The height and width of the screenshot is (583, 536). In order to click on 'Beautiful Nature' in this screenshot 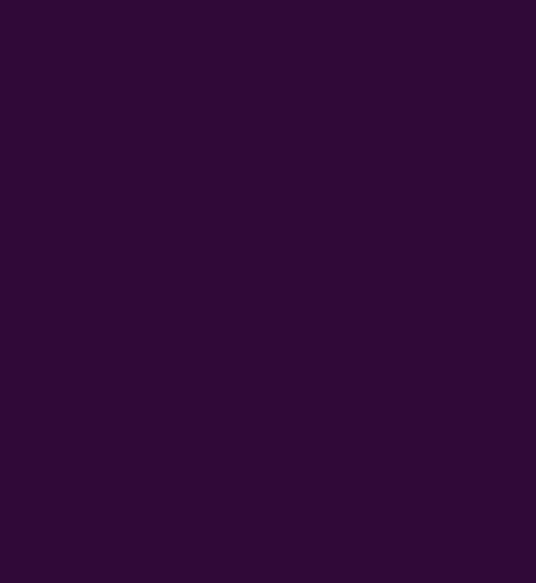, I will do `click(59, 81)`.